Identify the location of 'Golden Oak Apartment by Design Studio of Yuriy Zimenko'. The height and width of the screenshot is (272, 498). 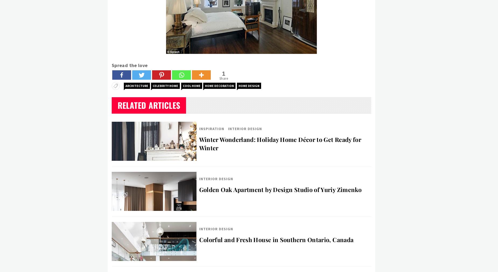
(280, 189).